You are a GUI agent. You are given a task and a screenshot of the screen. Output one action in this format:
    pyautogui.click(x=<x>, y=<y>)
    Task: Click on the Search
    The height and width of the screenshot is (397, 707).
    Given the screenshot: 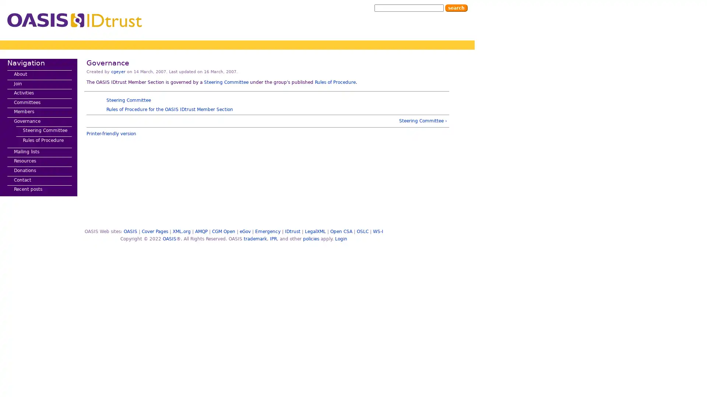 What is the action you would take?
    pyautogui.click(x=456, y=8)
    